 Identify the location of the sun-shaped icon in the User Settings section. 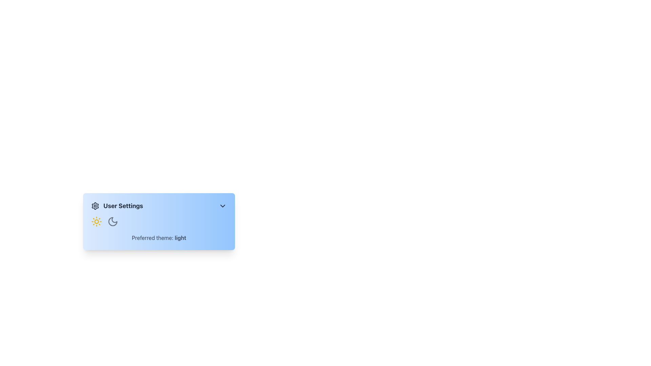
(96, 222).